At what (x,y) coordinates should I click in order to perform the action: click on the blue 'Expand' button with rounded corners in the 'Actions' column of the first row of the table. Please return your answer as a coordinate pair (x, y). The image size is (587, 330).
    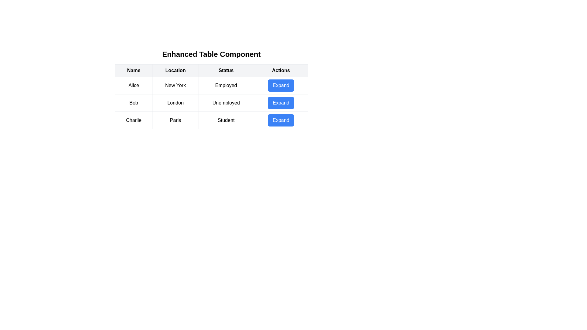
    Looking at the image, I should click on (281, 86).